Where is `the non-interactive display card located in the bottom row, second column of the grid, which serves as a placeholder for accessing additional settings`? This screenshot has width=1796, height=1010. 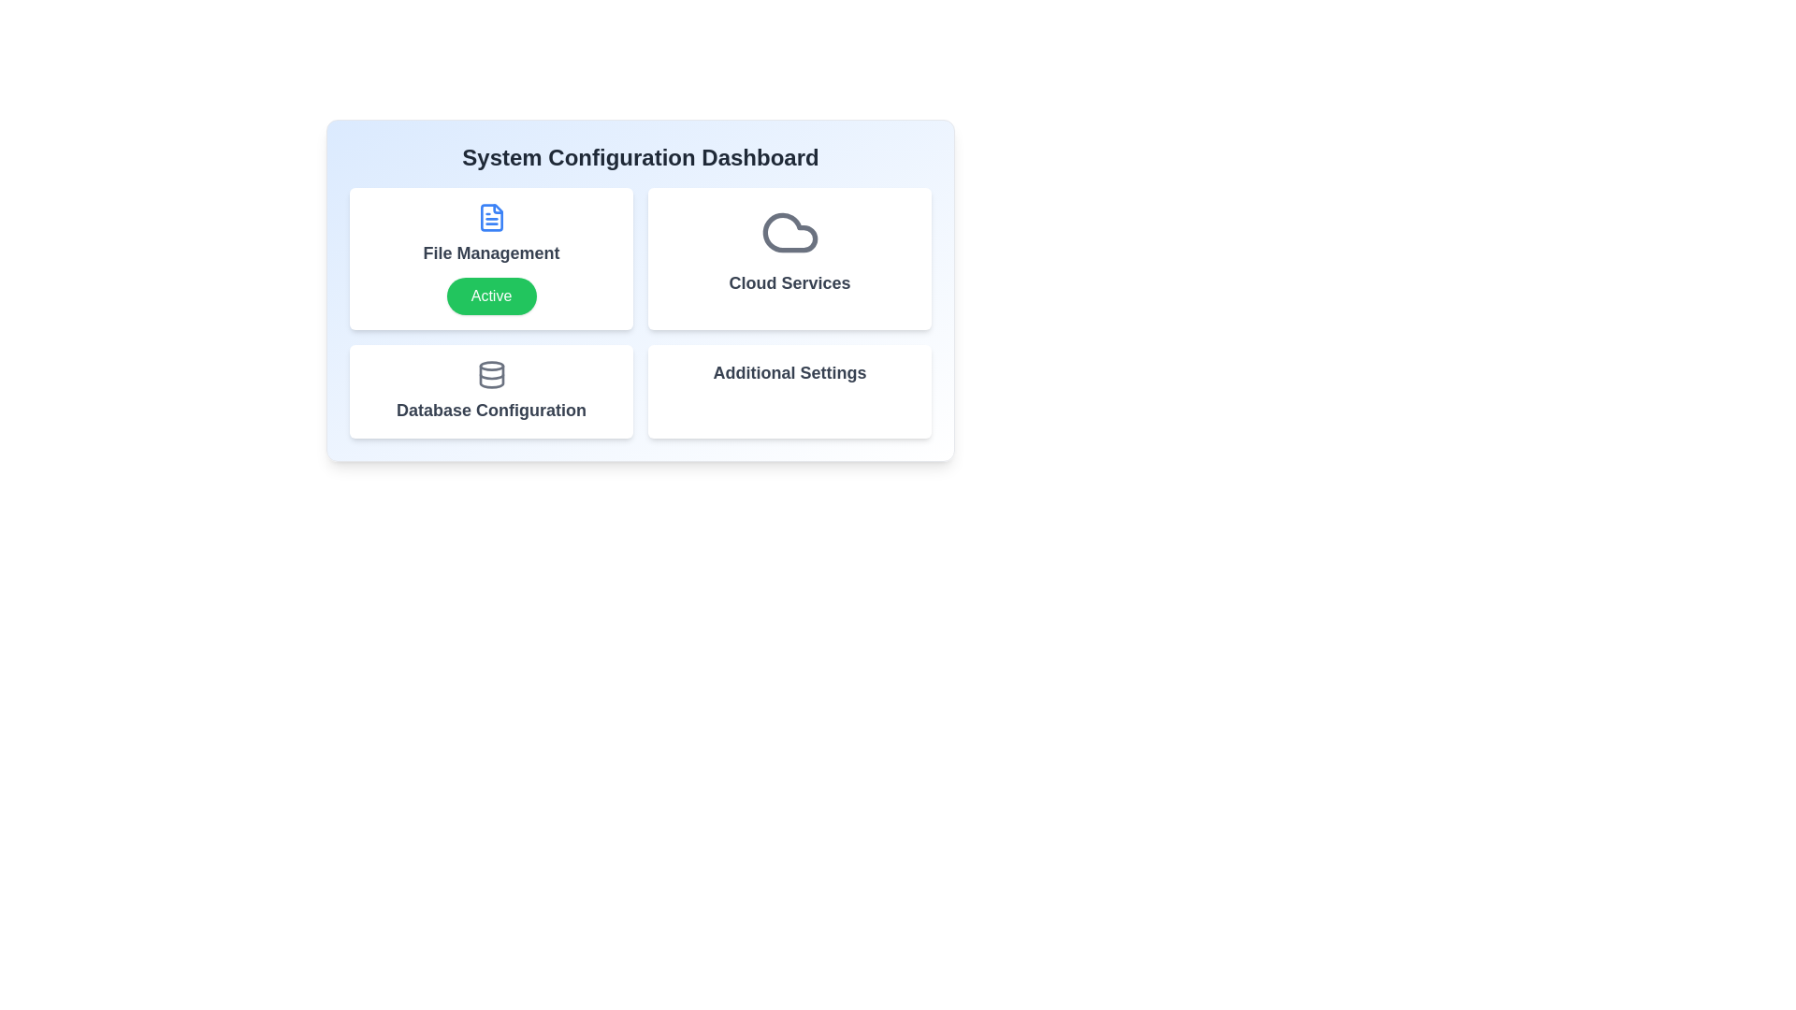
the non-interactive display card located in the bottom row, second column of the grid, which serves as a placeholder for accessing additional settings is located at coordinates (789, 391).